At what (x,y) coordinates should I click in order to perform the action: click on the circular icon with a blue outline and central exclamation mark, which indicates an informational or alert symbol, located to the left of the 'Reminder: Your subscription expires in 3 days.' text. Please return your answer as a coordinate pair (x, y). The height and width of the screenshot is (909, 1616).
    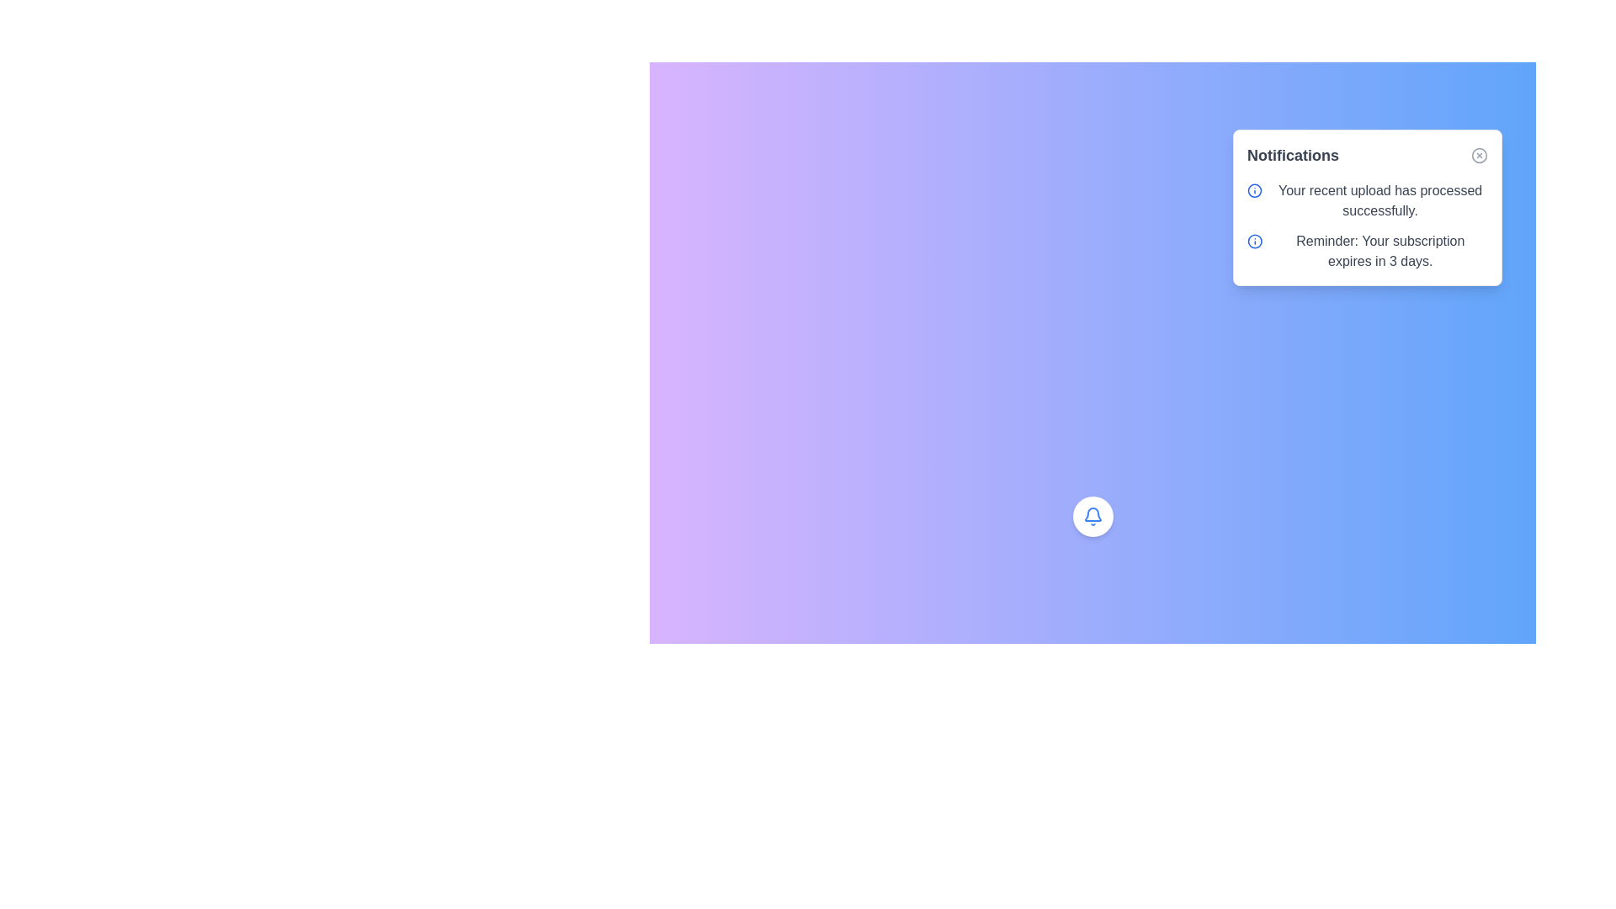
    Looking at the image, I should click on (1255, 241).